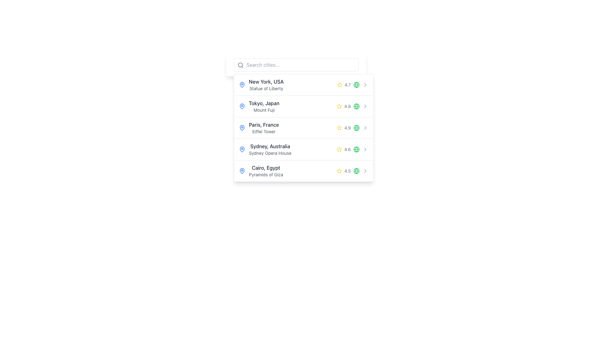 The width and height of the screenshot is (600, 337). What do you see at coordinates (348, 149) in the screenshot?
I see `the text label displaying the numeric value '4.6' in gray color, which is located in the search results for 'Sydney, Australia', positioned between the star icon and the globe icon` at bounding box center [348, 149].